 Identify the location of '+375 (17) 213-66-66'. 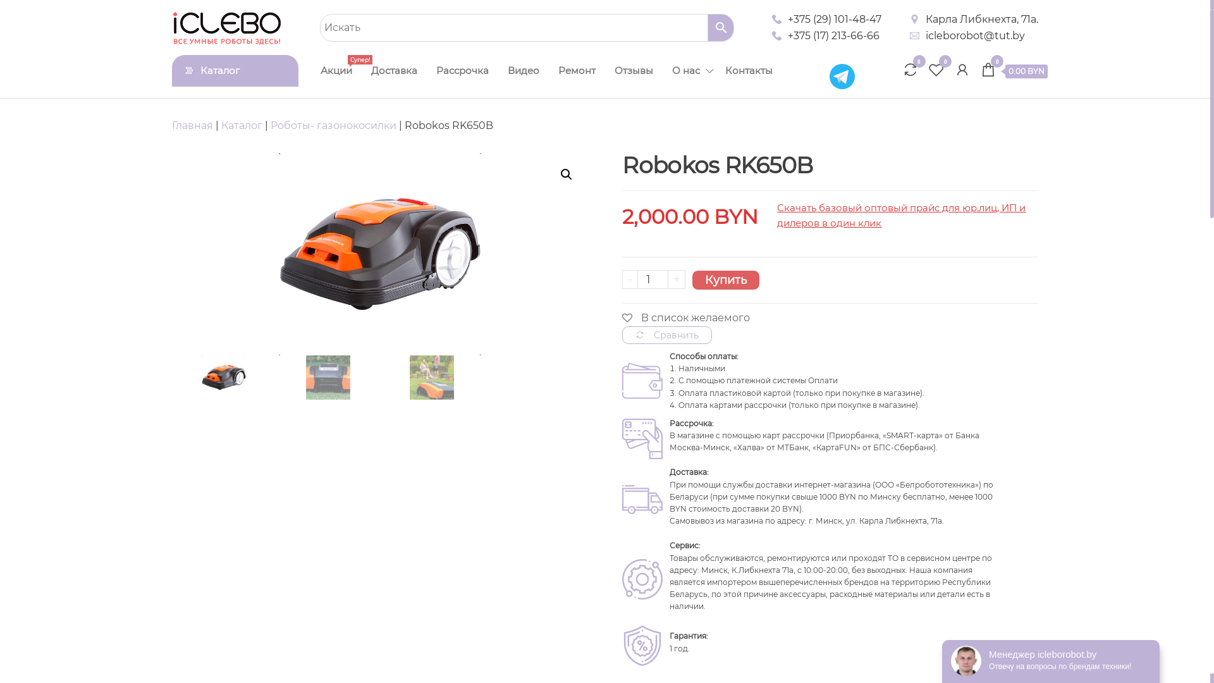
(833, 35).